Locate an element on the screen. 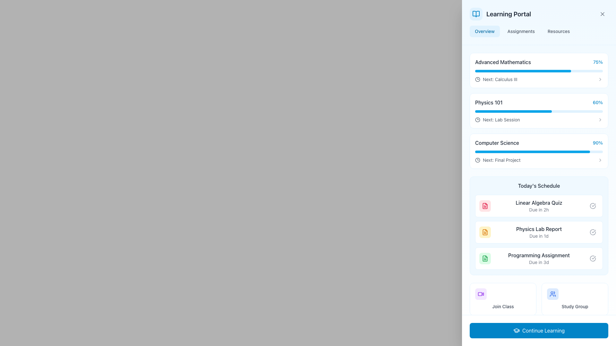 Image resolution: width=616 pixels, height=346 pixels. the static text label that informs the user about the next topic in the 'Advanced Mathematics' course, specifically 'Calculus III', located within the section labeled 'Advanced Mathematics' is located at coordinates (500, 79).